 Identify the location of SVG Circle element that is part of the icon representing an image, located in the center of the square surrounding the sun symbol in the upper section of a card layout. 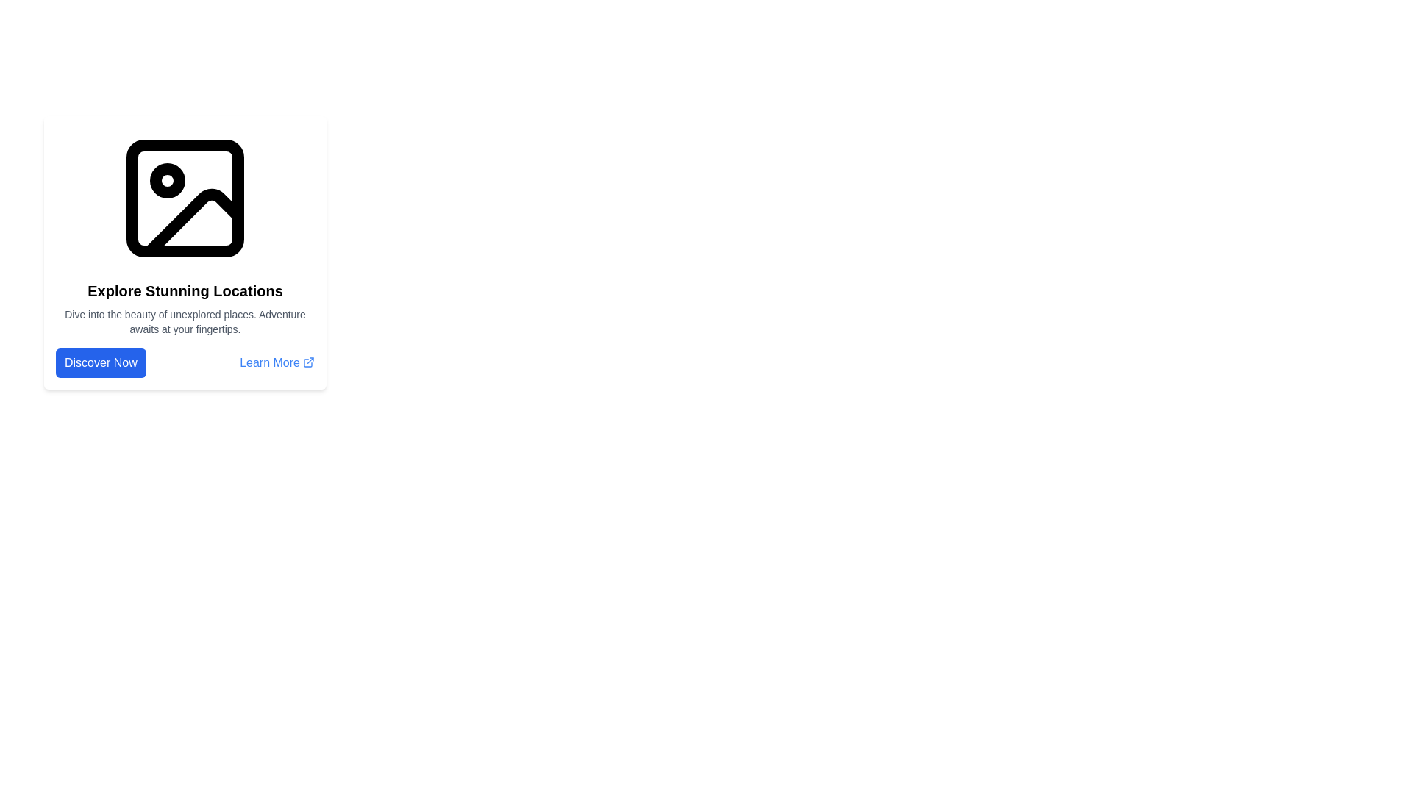
(167, 180).